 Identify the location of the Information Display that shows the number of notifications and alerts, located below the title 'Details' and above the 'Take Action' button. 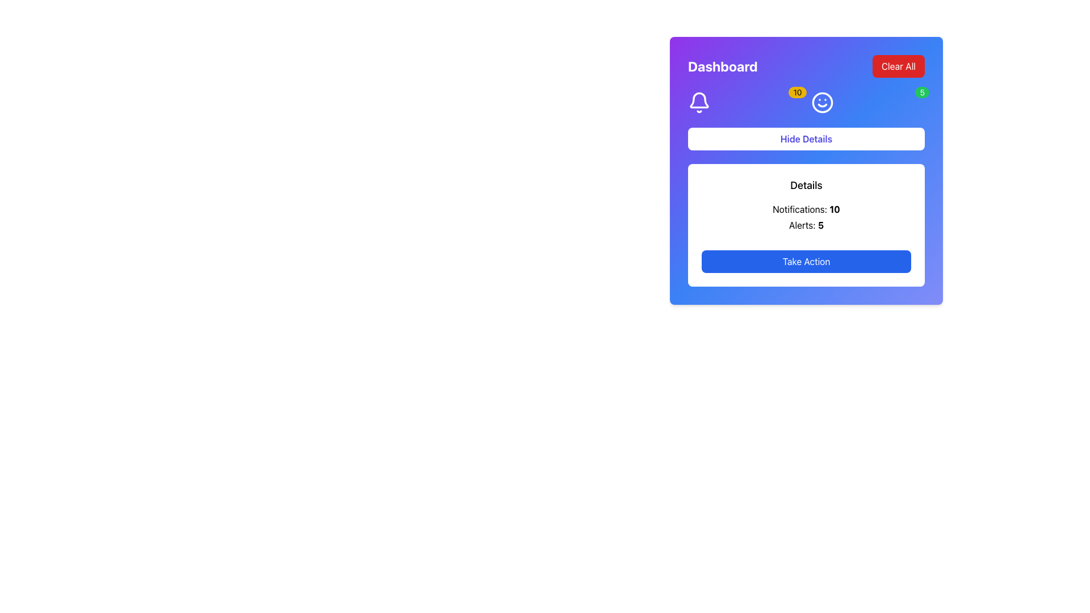
(806, 217).